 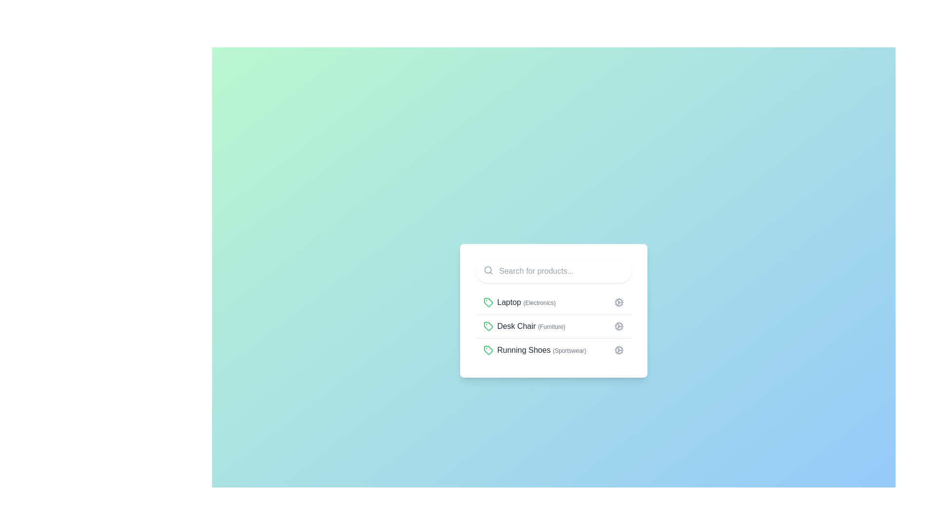 What do you see at coordinates (488, 270) in the screenshot?
I see `the magnifying glass icon located on the left side of the search bar, near the top-left corner of the input field` at bounding box center [488, 270].